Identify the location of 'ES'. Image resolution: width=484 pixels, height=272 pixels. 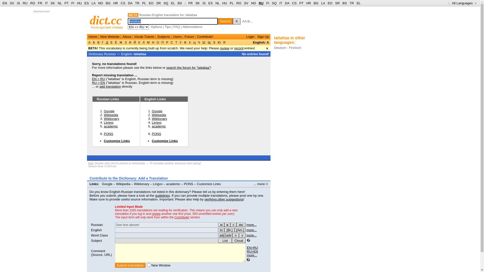
(210, 3).